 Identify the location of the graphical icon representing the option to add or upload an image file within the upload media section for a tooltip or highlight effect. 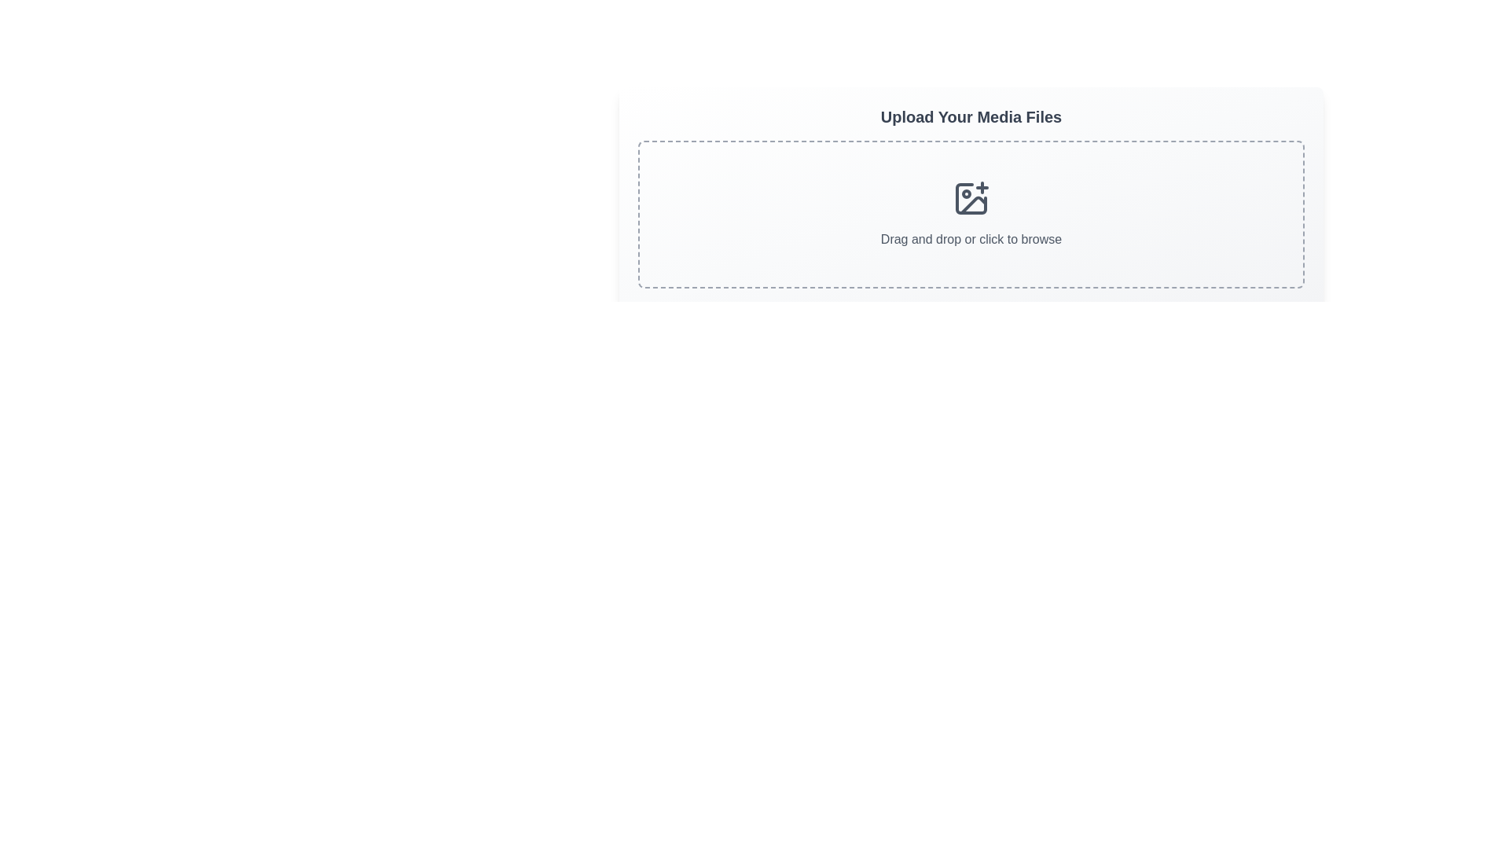
(971, 198).